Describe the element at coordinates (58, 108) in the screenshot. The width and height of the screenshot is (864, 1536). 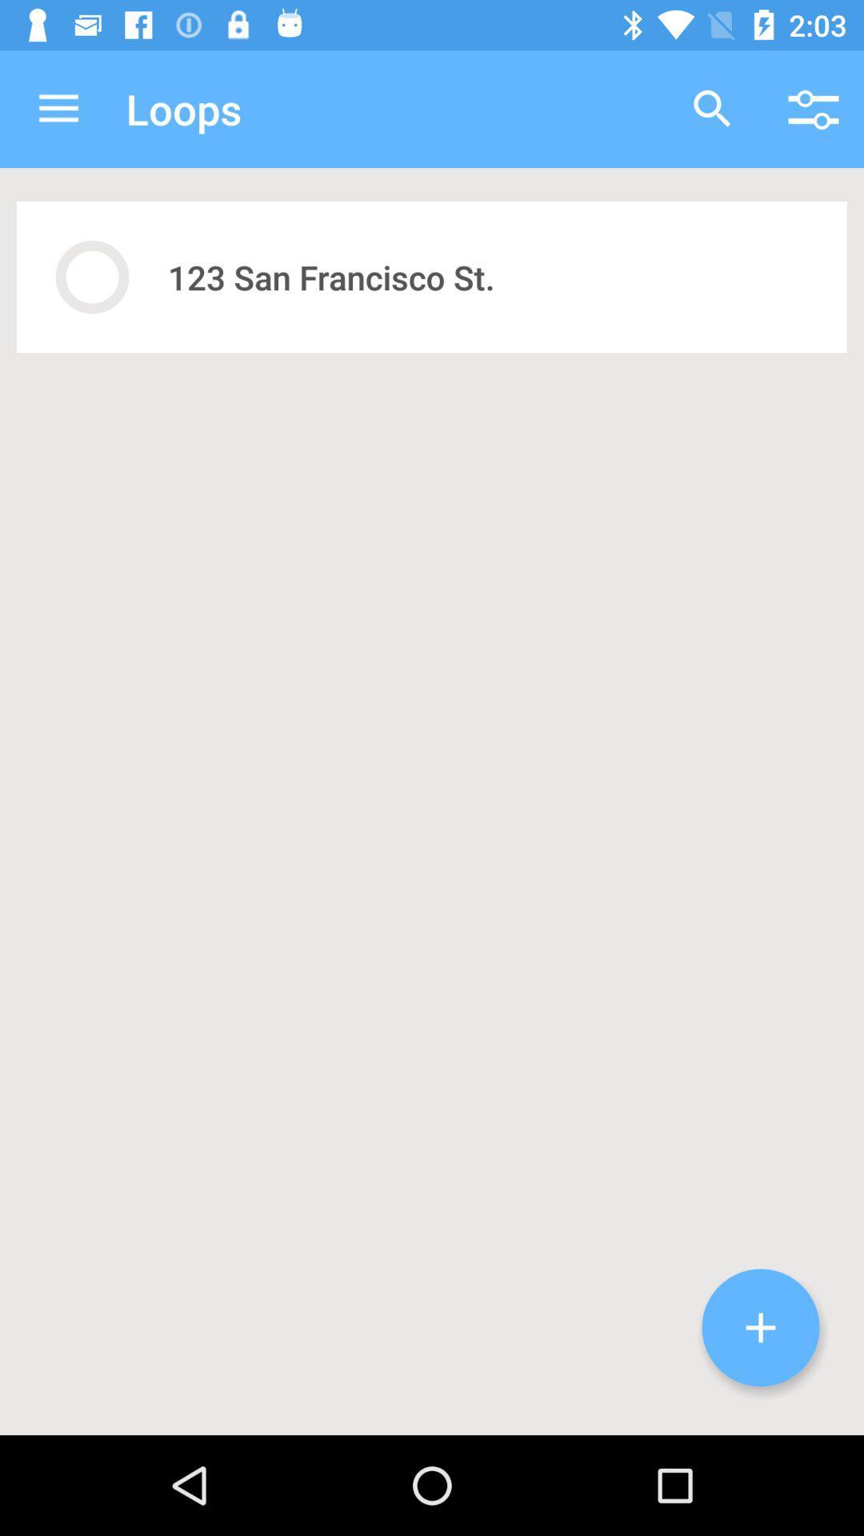
I see `icon next to loops` at that location.